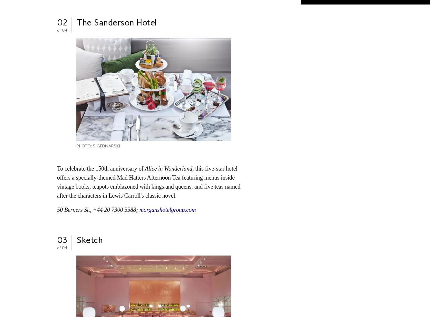  What do you see at coordinates (101, 168) in the screenshot?
I see `'To celebrate the 150th anniversary of'` at bounding box center [101, 168].